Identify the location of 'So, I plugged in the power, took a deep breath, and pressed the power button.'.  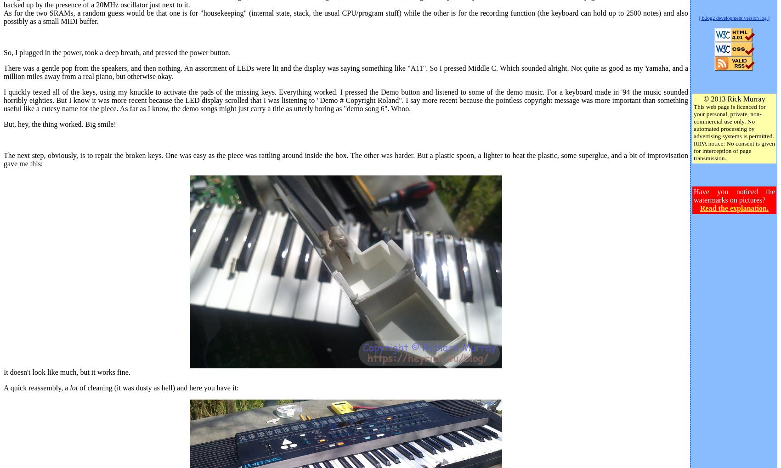
(117, 51).